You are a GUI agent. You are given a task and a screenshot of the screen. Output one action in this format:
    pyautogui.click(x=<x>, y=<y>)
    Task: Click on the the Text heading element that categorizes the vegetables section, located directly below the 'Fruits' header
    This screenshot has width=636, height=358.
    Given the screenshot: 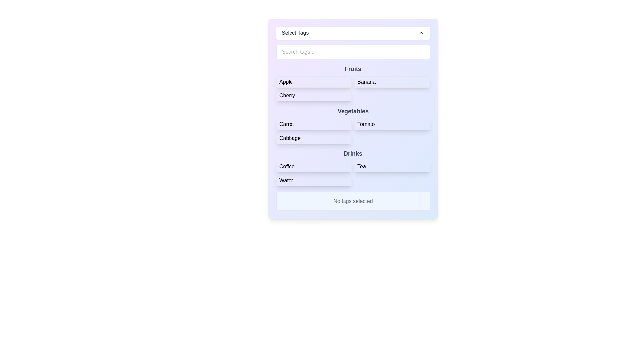 What is the action you would take?
    pyautogui.click(x=352, y=111)
    